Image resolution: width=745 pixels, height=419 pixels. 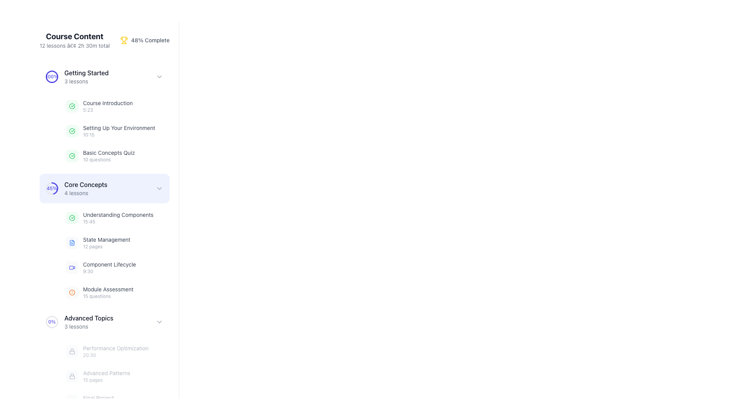 I want to click on text displayed in the Text Label indicating the duration or time associated with the 'Understanding Components' lesson, located under the 'Core Concepts' section, so click(x=118, y=222).